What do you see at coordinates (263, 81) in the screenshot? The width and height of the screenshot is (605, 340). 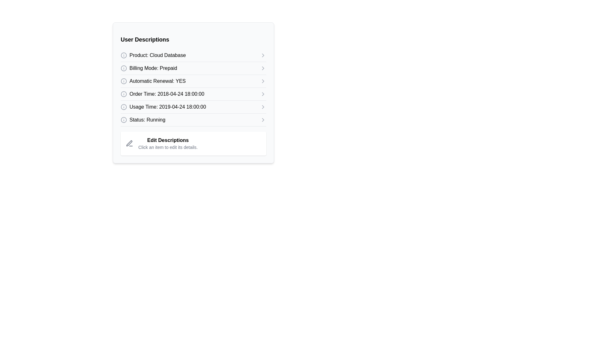 I see `the rightward-pointing chevron icon located beside the 'Automatic Renewal: YES' text to indicate expandable/collapsible section` at bounding box center [263, 81].